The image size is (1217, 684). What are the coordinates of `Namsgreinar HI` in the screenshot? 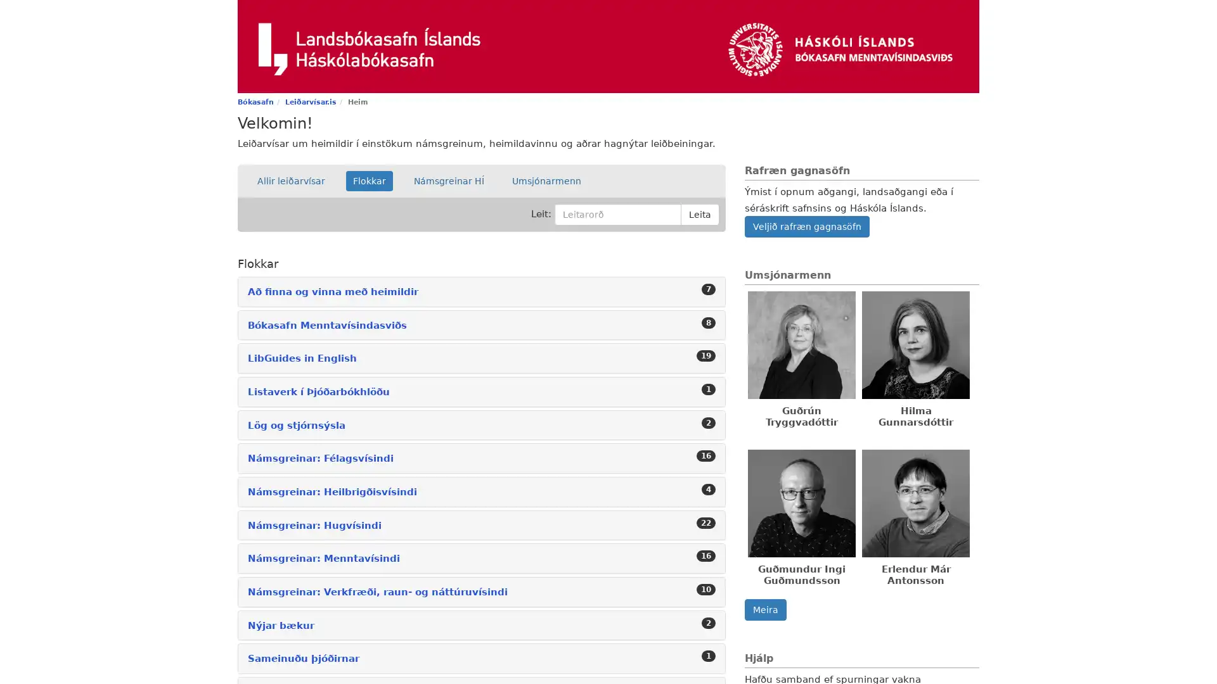 It's located at (449, 180).